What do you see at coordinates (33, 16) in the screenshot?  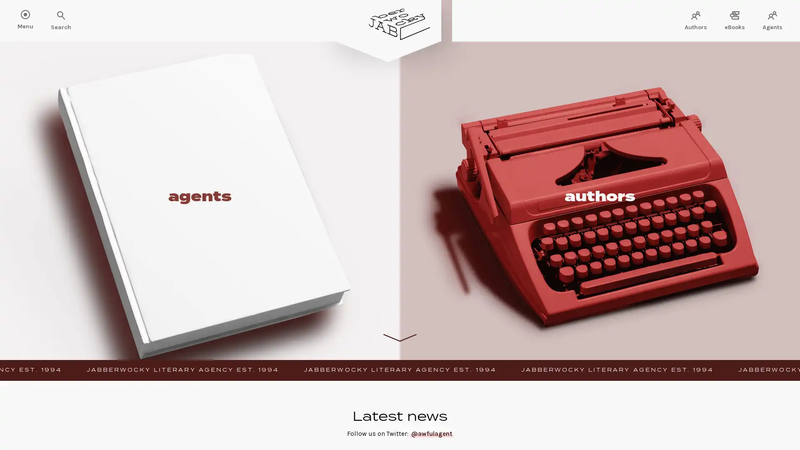 I see `Search` at bounding box center [33, 16].